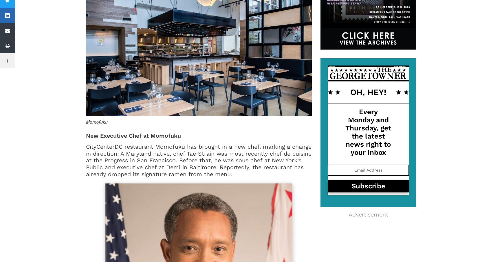 The width and height of the screenshot is (502, 262). I want to click on 'OH, HEY!', so click(368, 92).